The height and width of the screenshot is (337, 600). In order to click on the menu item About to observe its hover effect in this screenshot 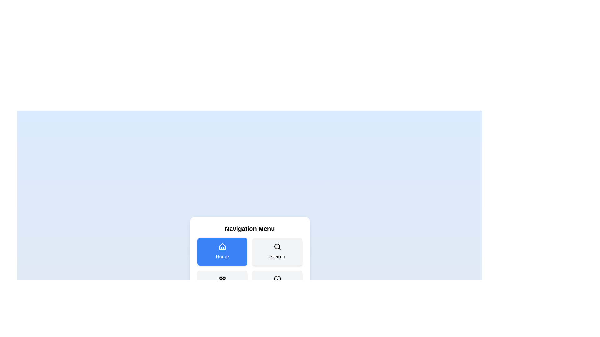, I will do `click(277, 284)`.